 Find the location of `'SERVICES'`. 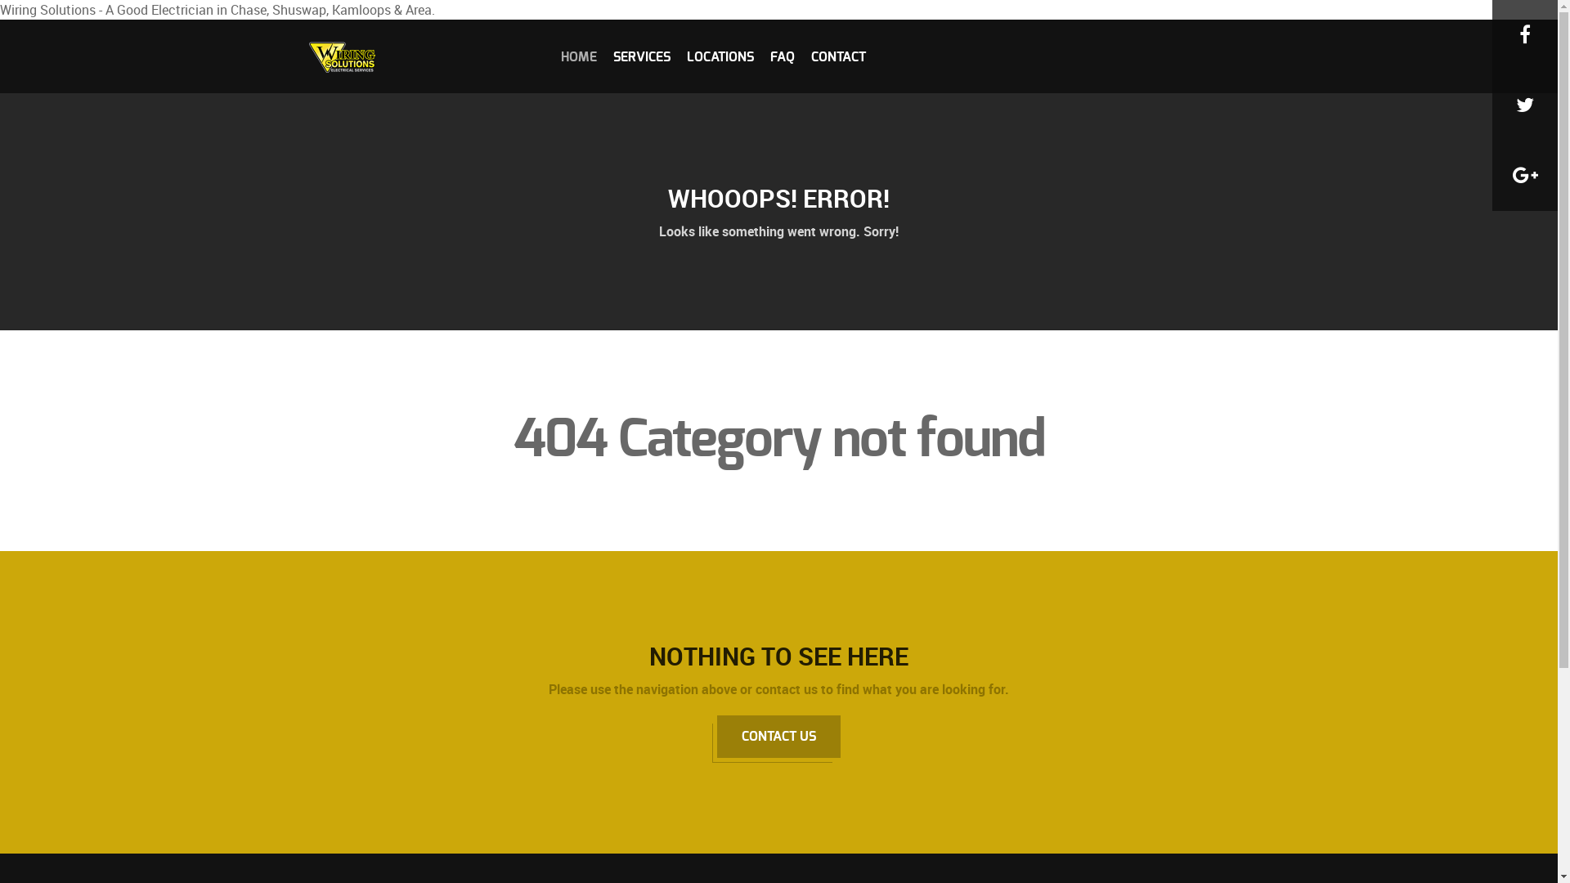

'SERVICES' is located at coordinates (641, 56).